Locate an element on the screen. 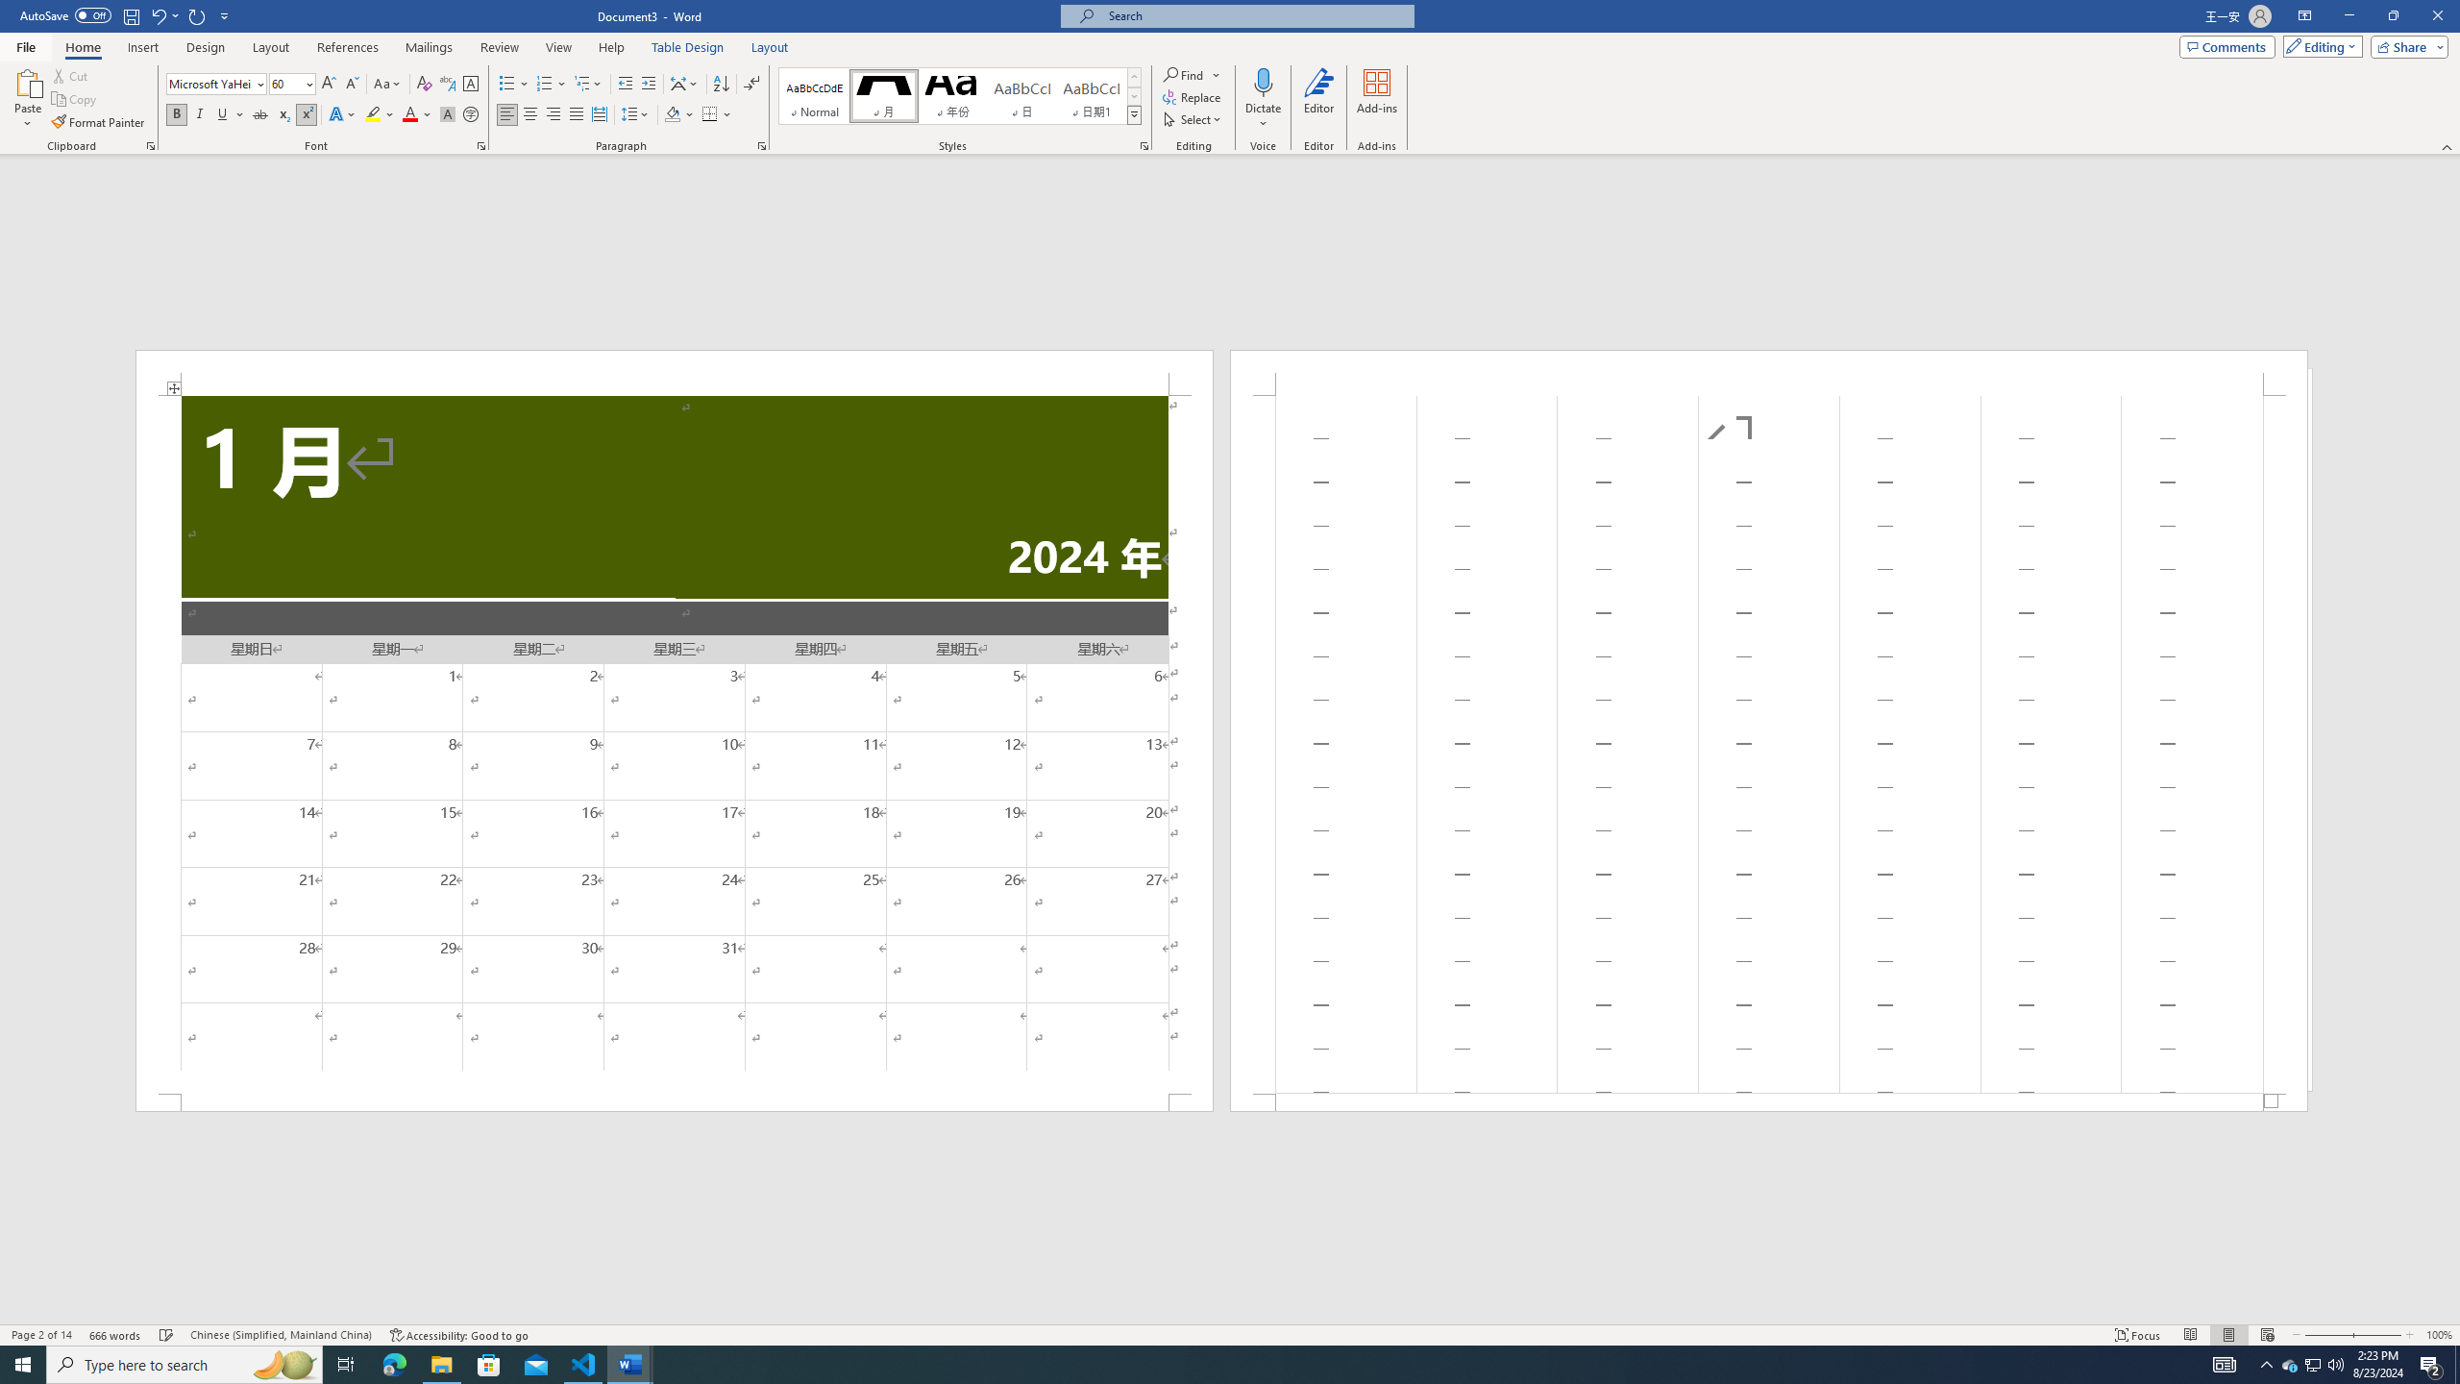  'Replace...' is located at coordinates (1192, 95).